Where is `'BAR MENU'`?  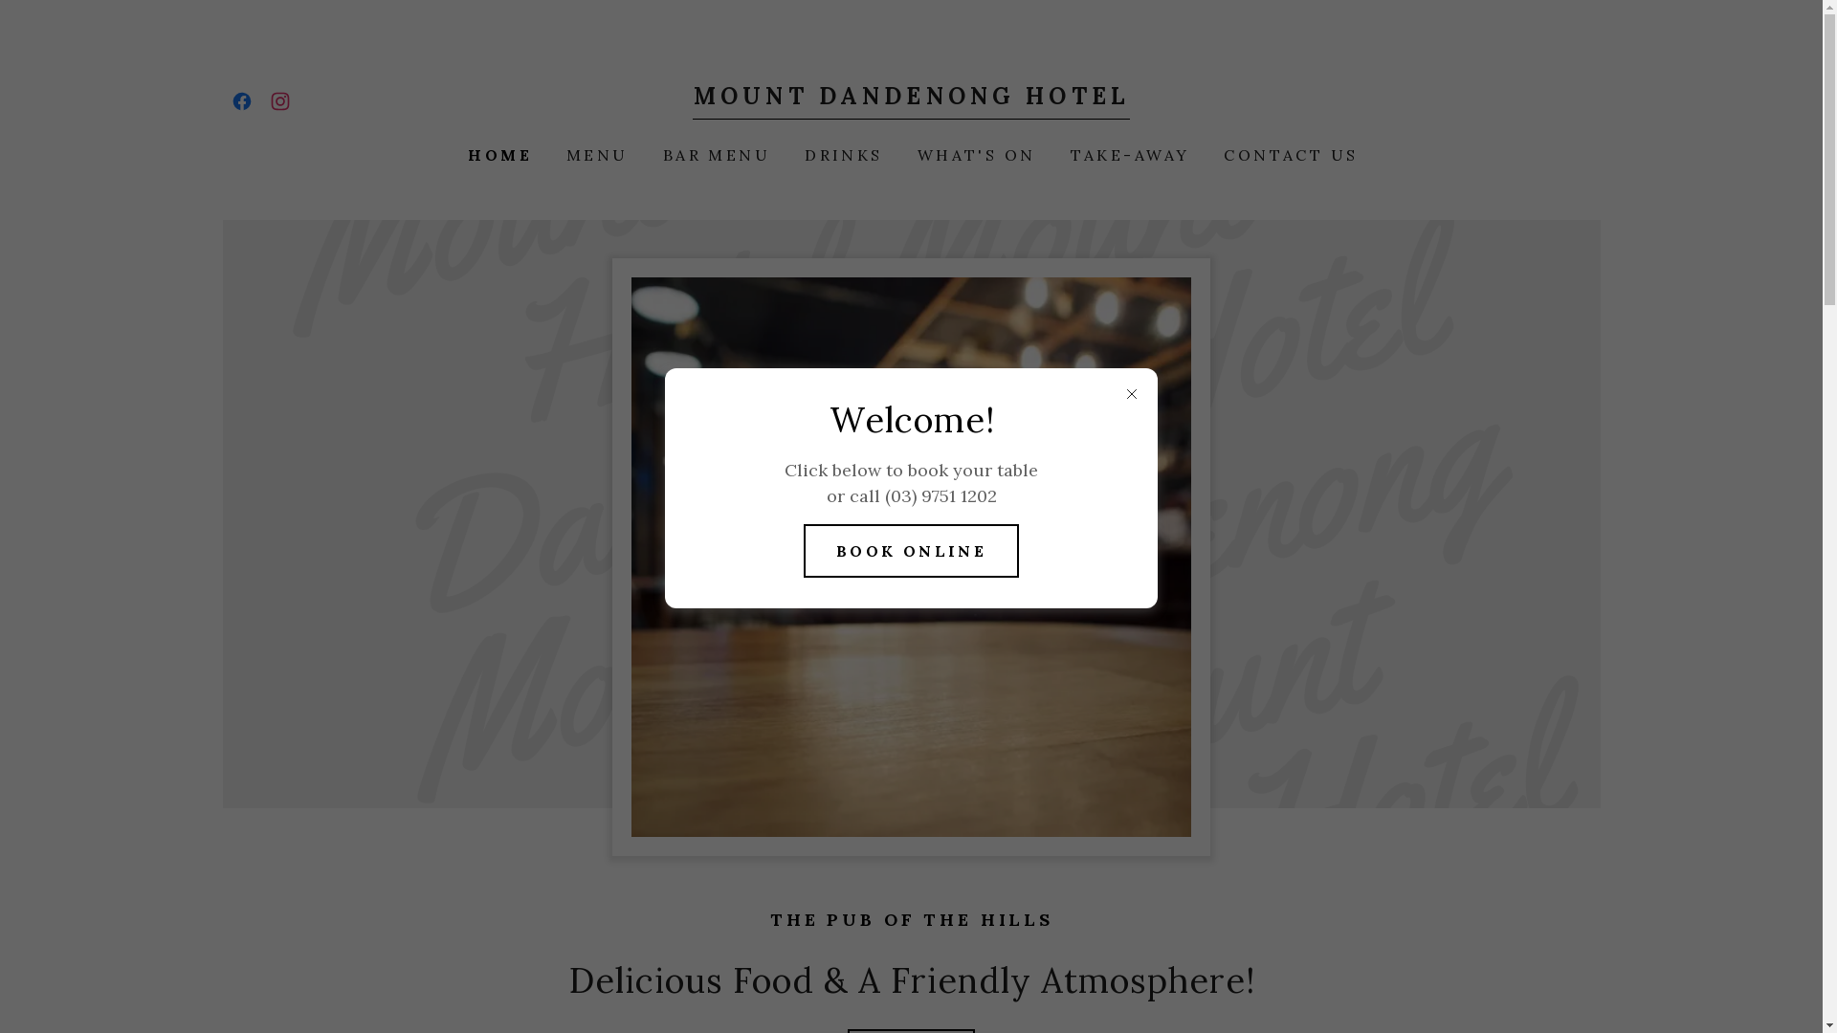
'BAR MENU' is located at coordinates (714, 154).